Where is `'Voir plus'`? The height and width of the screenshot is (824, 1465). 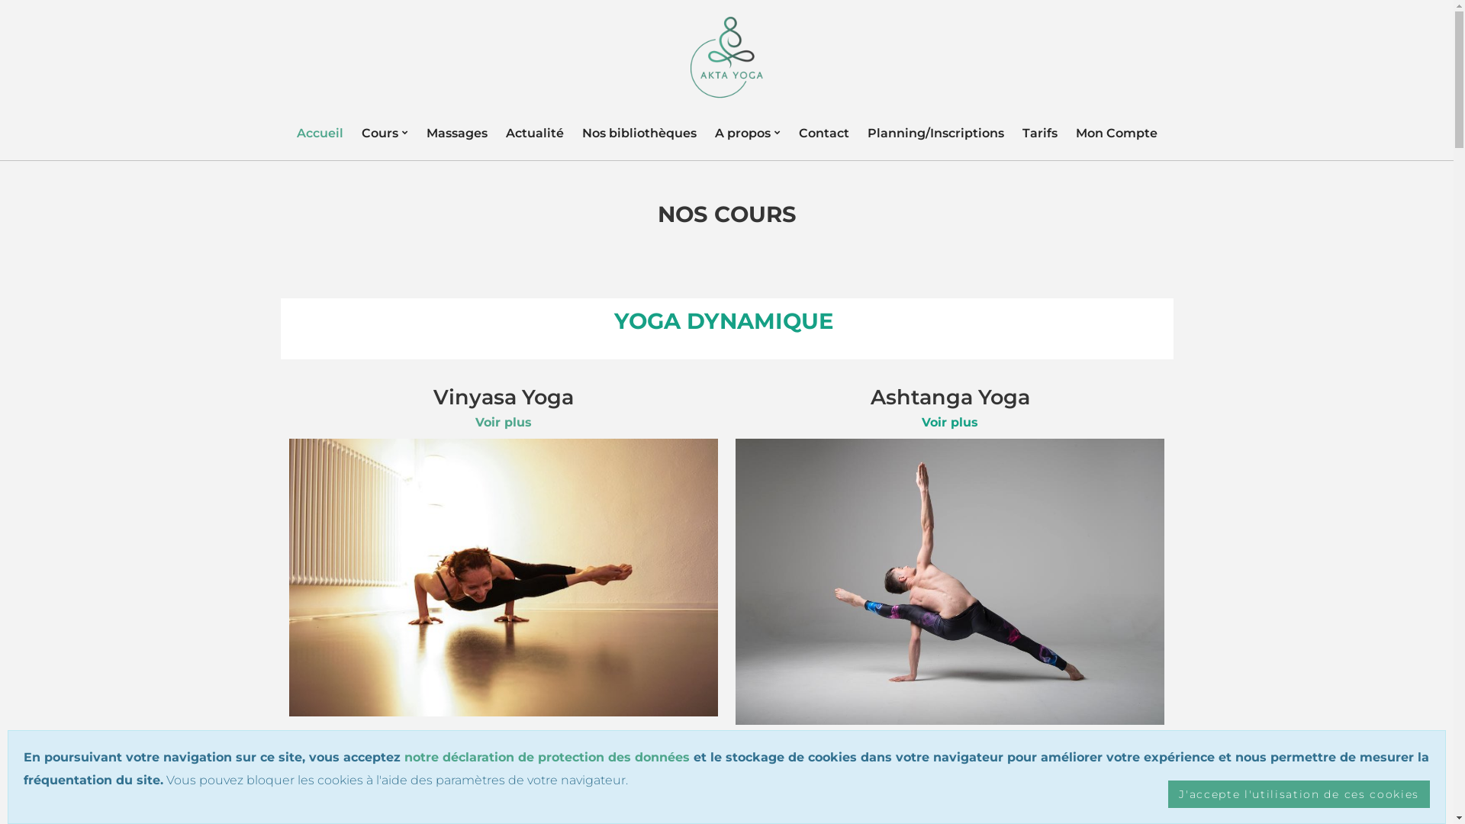
'Voir plus' is located at coordinates (504, 422).